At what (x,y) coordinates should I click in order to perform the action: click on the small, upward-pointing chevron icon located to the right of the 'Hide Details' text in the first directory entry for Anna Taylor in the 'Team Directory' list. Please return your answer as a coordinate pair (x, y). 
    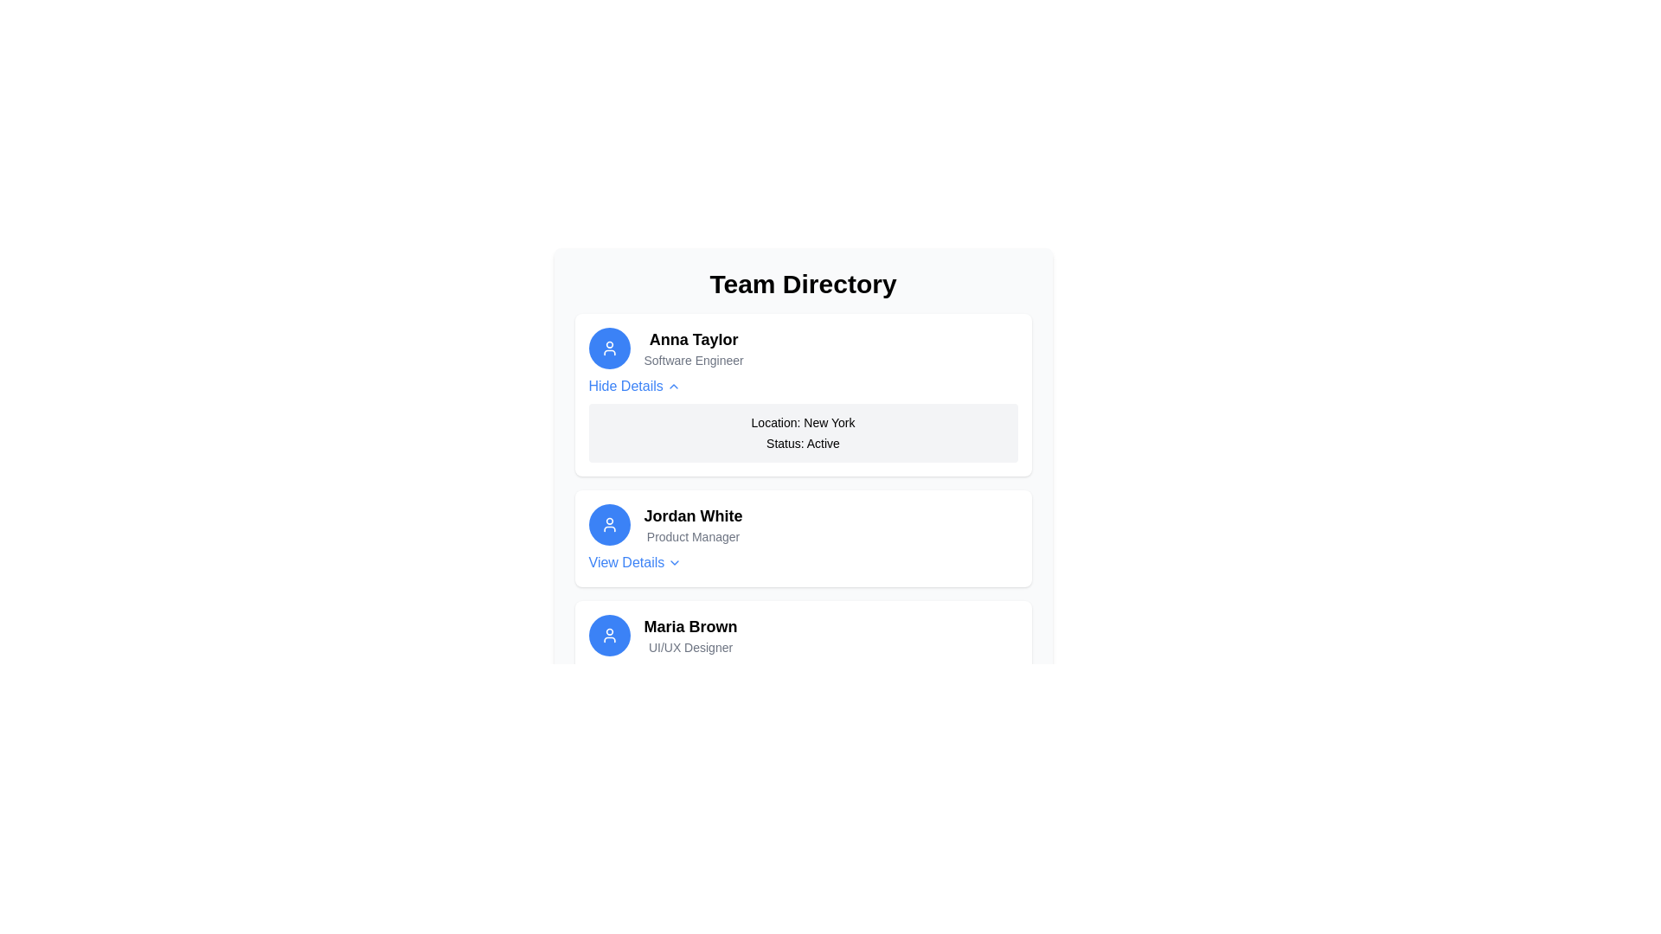
    Looking at the image, I should click on (672, 386).